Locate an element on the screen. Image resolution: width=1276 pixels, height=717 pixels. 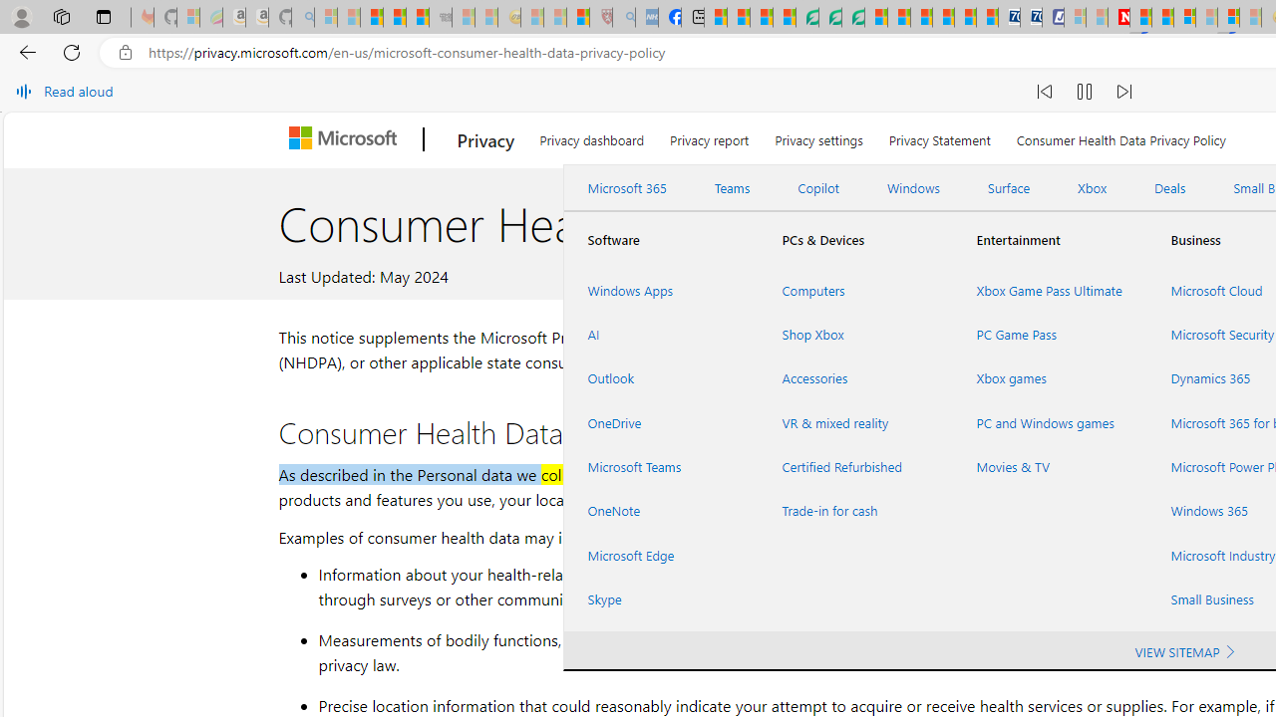
'Xbox games' is located at coordinates (1048, 378).